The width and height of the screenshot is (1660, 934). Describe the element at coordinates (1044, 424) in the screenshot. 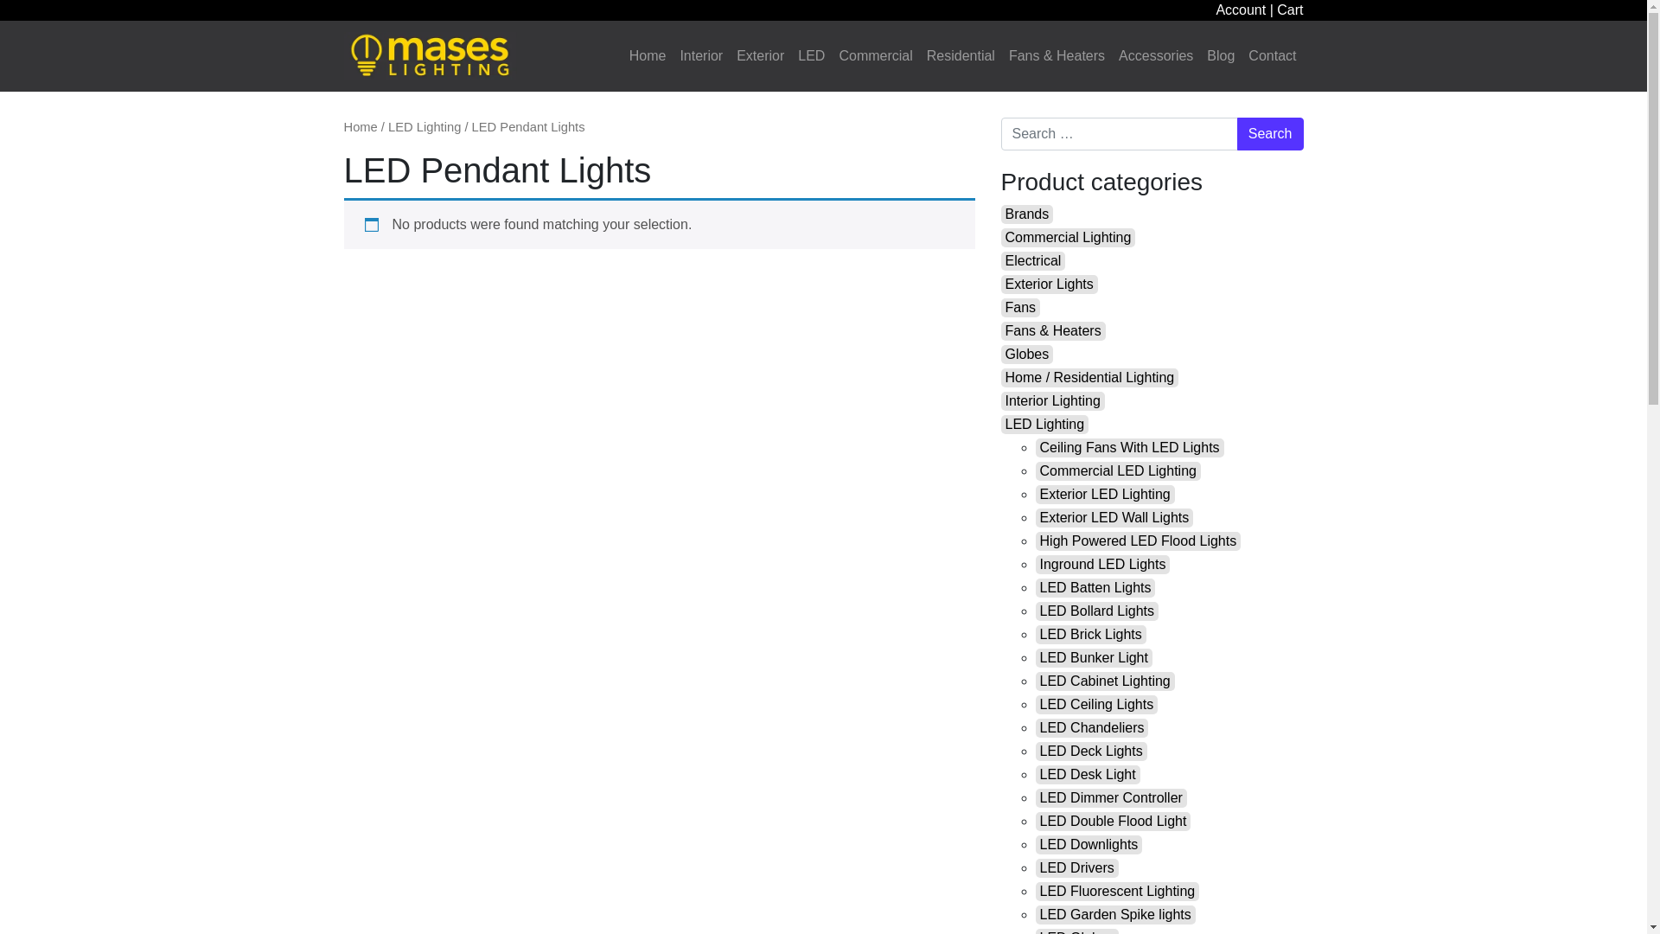

I see `'LED Lighting'` at that location.